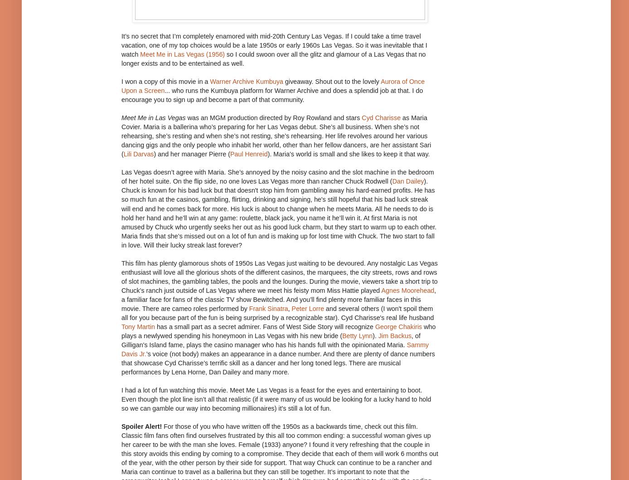 This screenshot has height=480, width=629. Describe the element at coordinates (210, 81) in the screenshot. I see `'Warner Archive Kumbuya'` at that location.